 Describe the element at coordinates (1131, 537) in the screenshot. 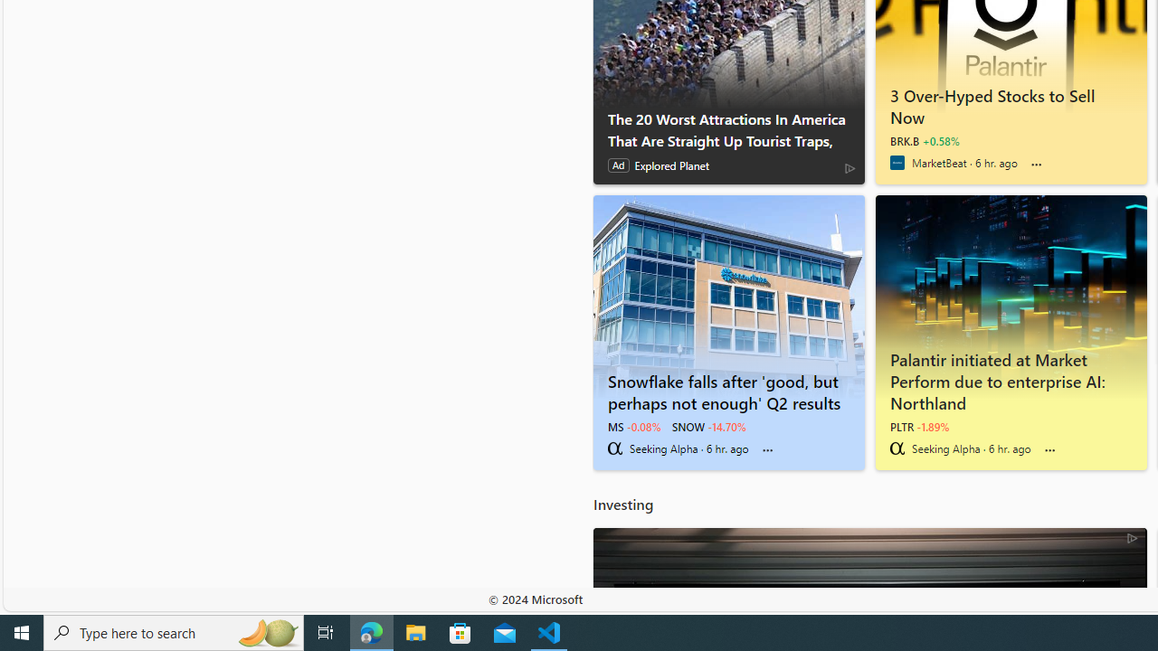

I see `'AdChoices'` at that location.